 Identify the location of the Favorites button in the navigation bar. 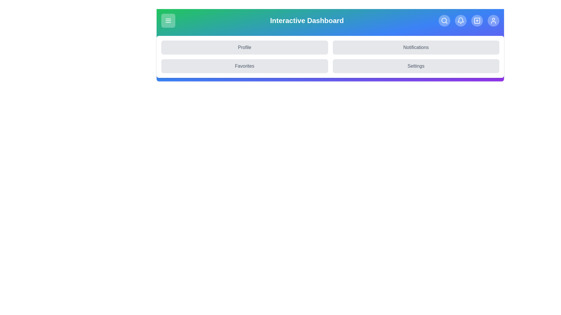
(245, 66).